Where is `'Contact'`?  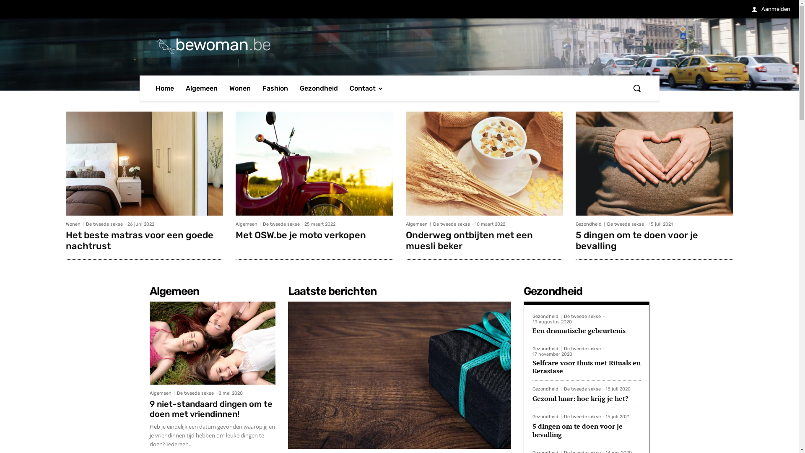
'Contact' is located at coordinates (366, 88).